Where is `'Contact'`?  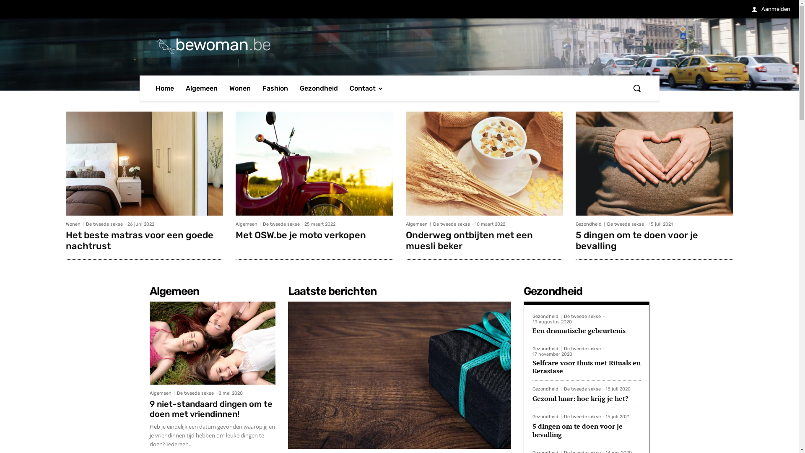
'Contact' is located at coordinates (366, 88).